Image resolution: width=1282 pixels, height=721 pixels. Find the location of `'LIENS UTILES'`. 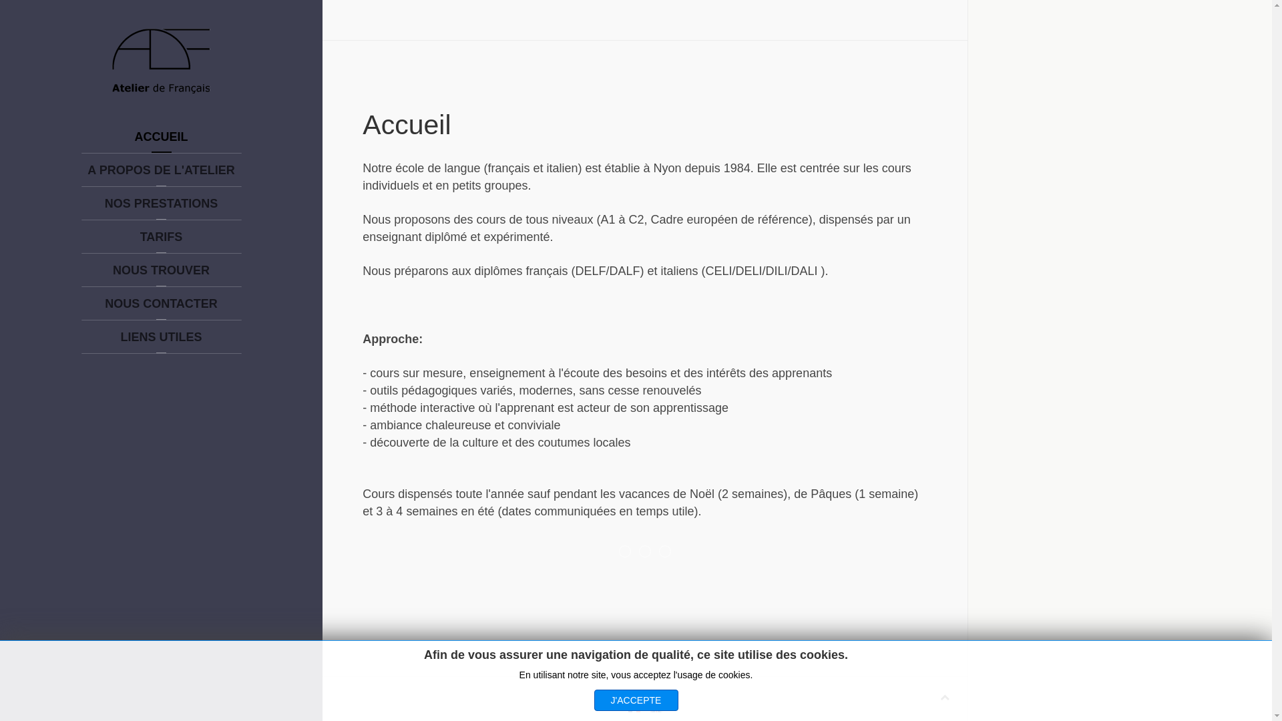

'LIENS UTILES' is located at coordinates (160, 336).